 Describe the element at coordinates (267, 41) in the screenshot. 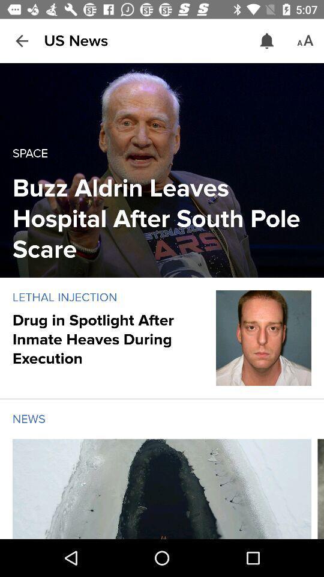

I see `the item to the right of the us news` at that location.